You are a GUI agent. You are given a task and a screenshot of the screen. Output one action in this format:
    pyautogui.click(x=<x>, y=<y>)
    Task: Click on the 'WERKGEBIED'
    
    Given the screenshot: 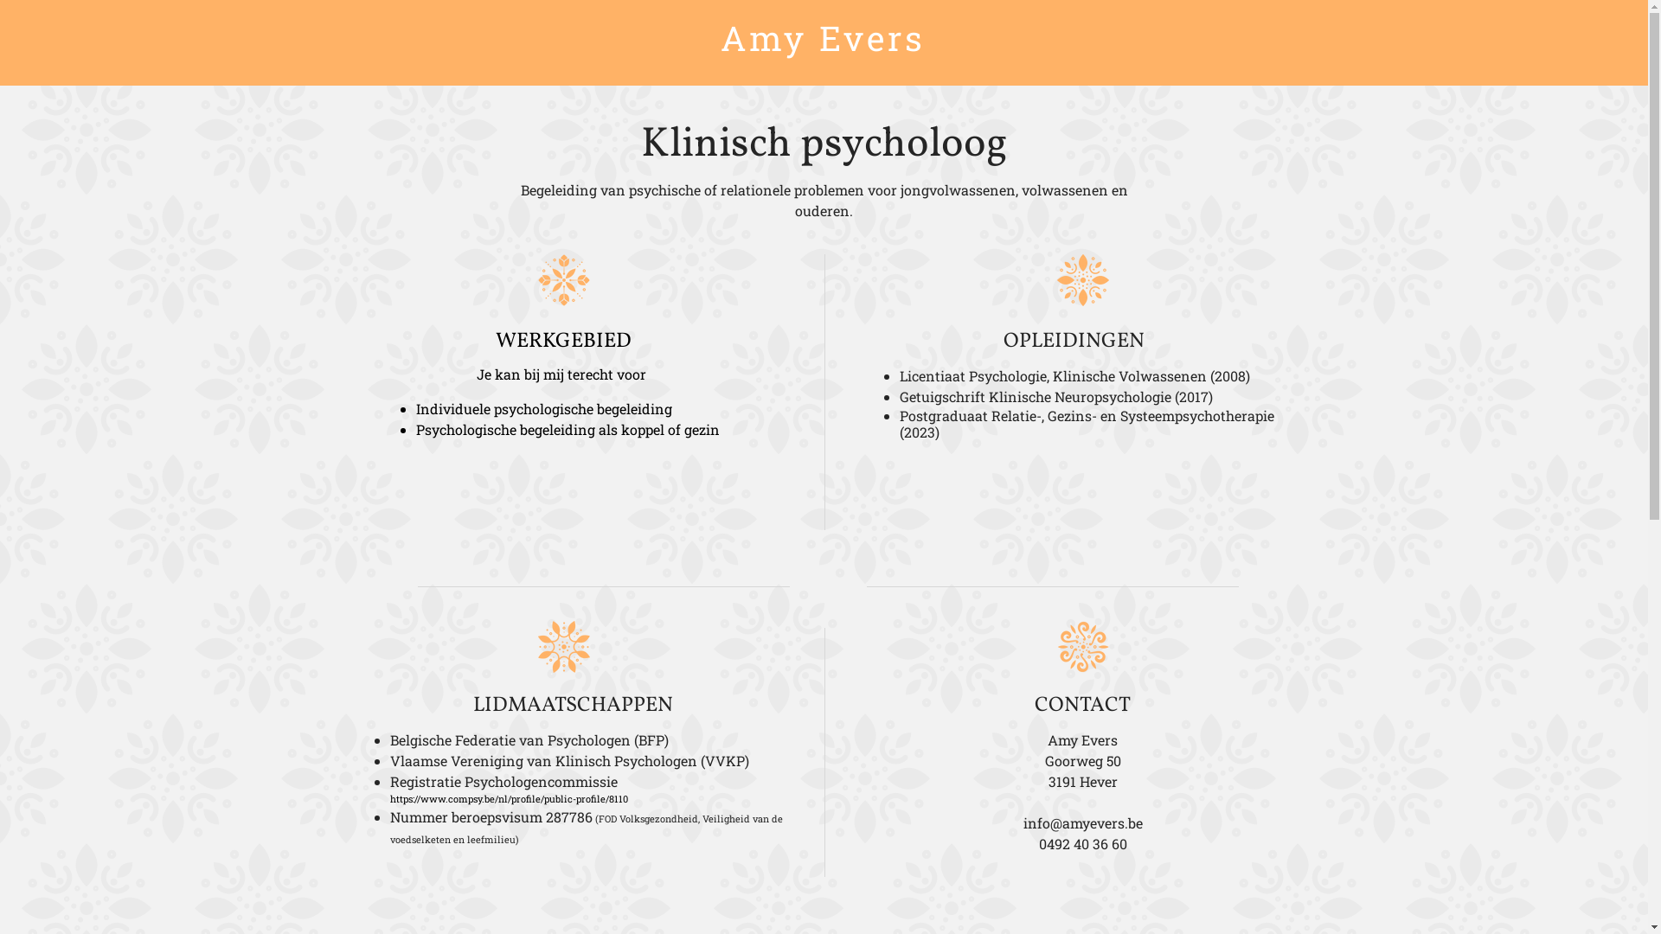 What is the action you would take?
    pyautogui.click(x=493, y=341)
    